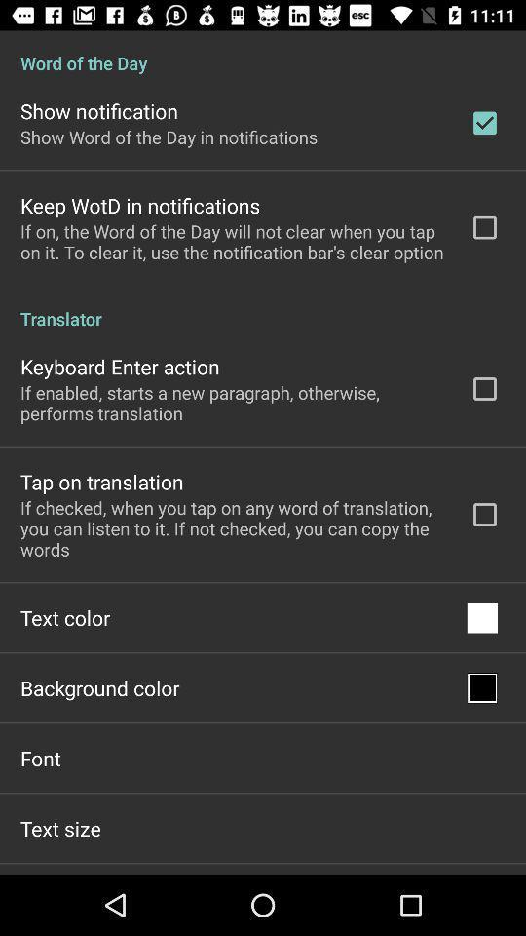 The image size is (526, 936). I want to click on icon below the background color icon, so click(40, 757).